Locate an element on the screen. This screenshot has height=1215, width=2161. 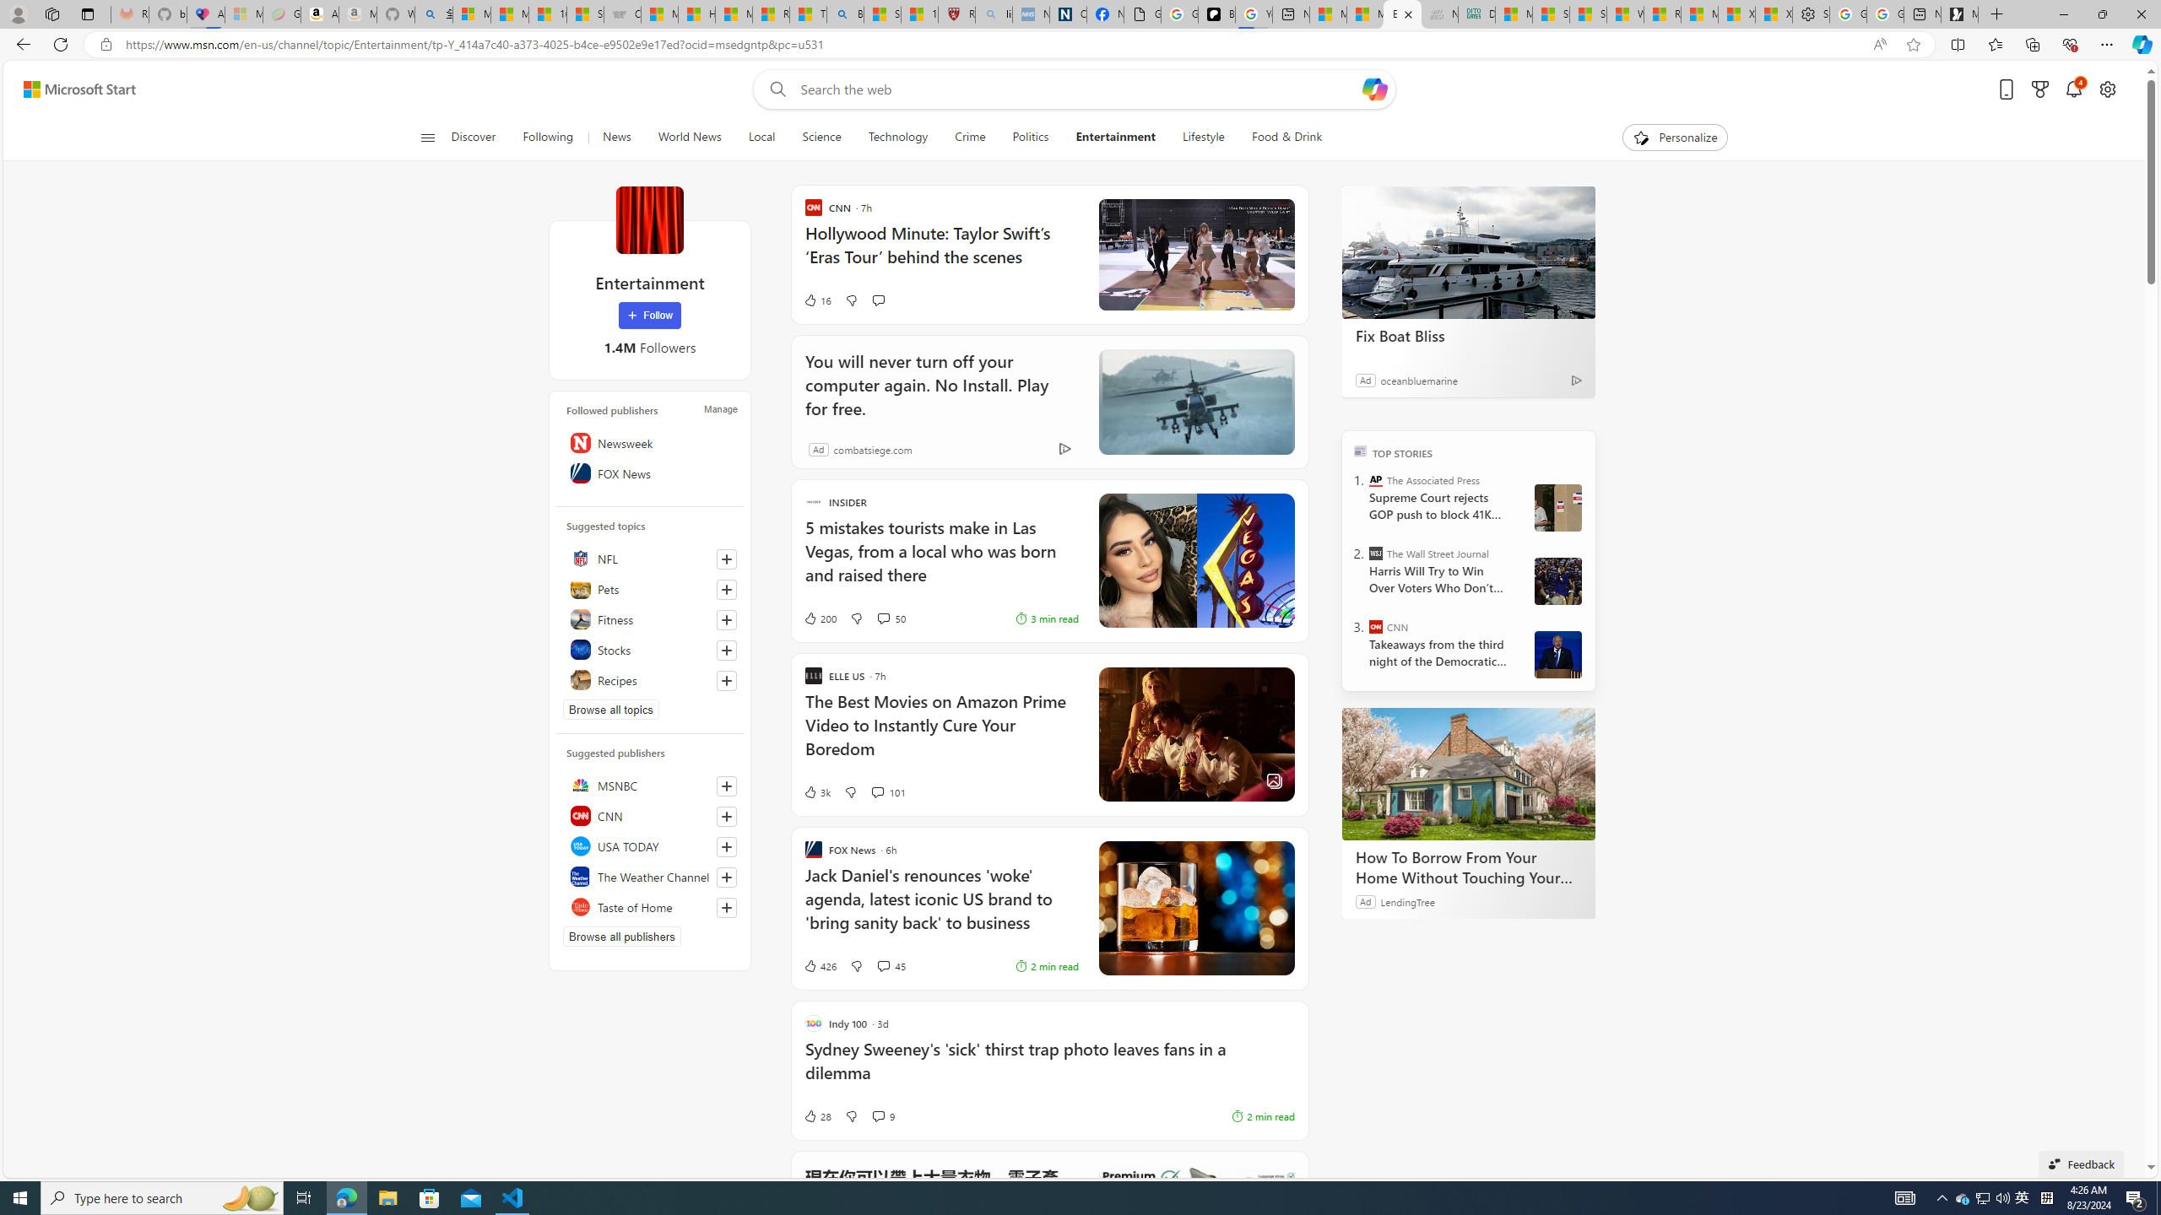
'LendingTree' is located at coordinates (1407, 901).